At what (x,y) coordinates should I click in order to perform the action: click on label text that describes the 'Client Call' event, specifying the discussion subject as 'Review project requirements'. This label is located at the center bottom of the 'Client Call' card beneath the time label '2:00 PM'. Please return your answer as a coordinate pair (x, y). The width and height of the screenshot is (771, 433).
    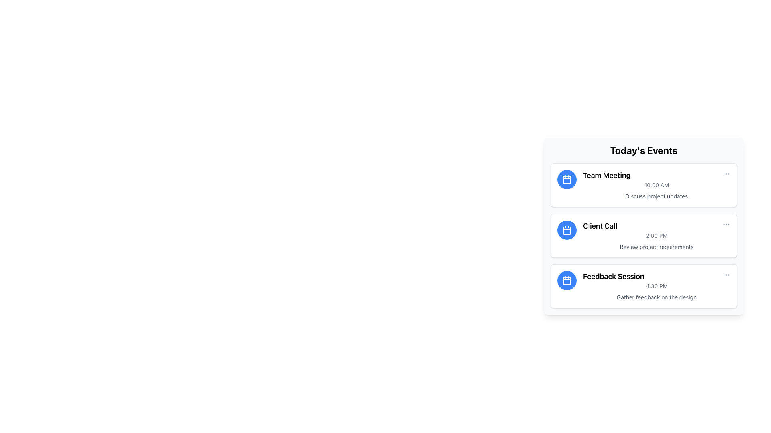
    Looking at the image, I should click on (657, 247).